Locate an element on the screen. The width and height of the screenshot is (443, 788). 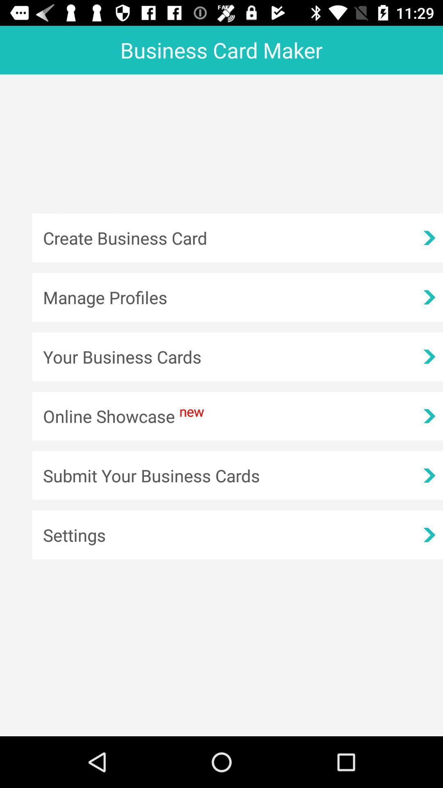
second right arrow from bottom is located at coordinates (429, 475).